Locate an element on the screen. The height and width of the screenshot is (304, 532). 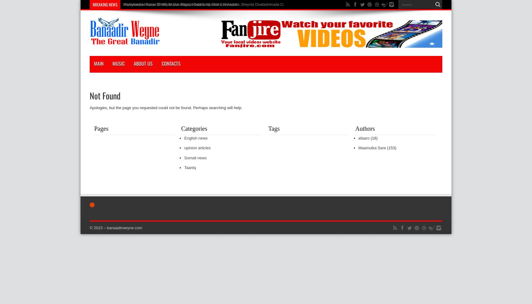
'banaadirweyne.com' is located at coordinates (124, 227).